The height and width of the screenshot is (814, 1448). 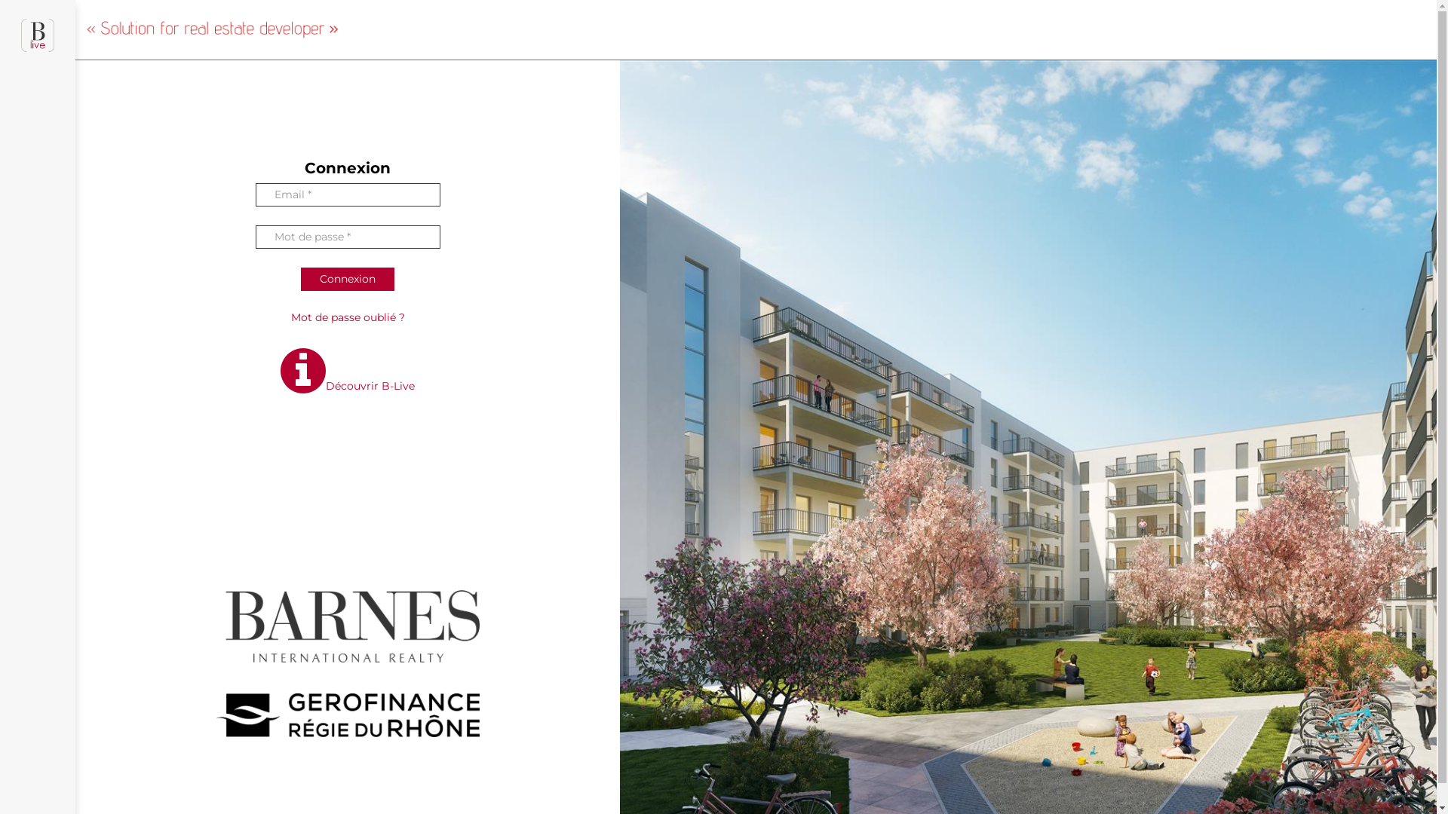 I want to click on 'B-Live', so click(x=37, y=41).